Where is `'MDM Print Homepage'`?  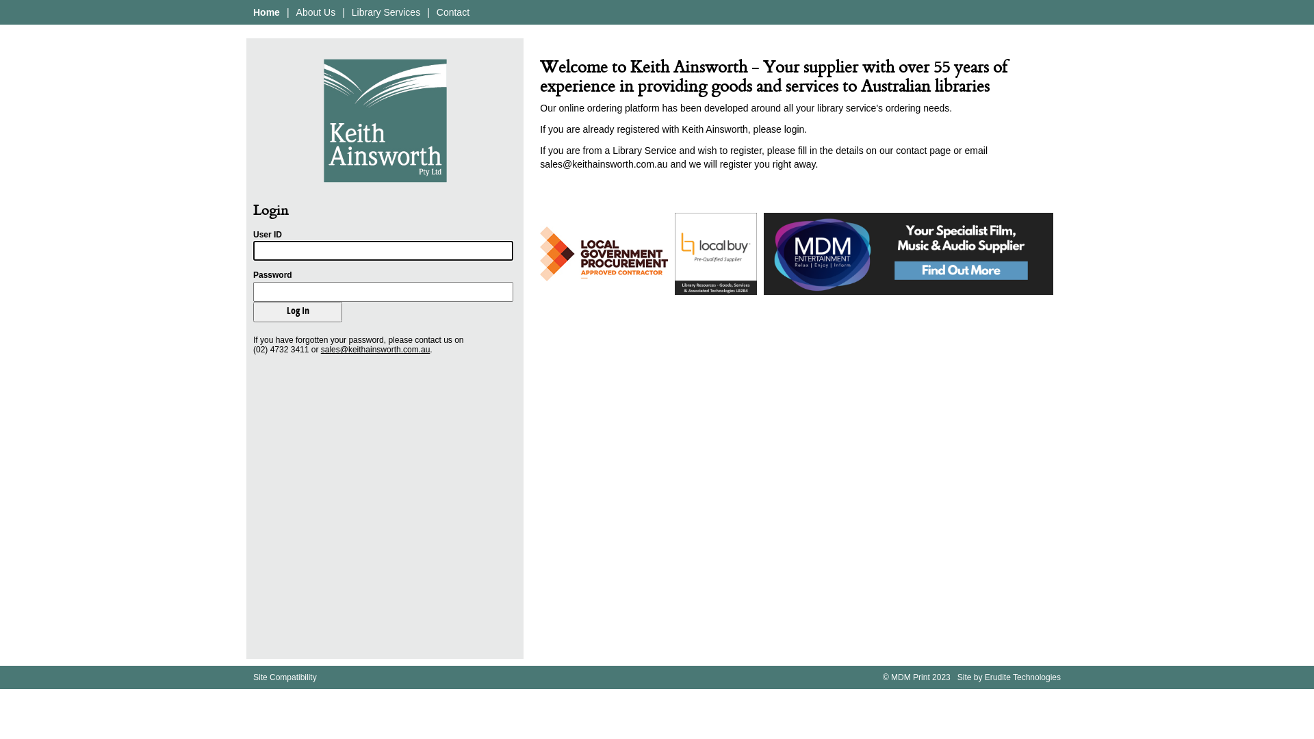
'MDM Print Homepage' is located at coordinates (384, 120).